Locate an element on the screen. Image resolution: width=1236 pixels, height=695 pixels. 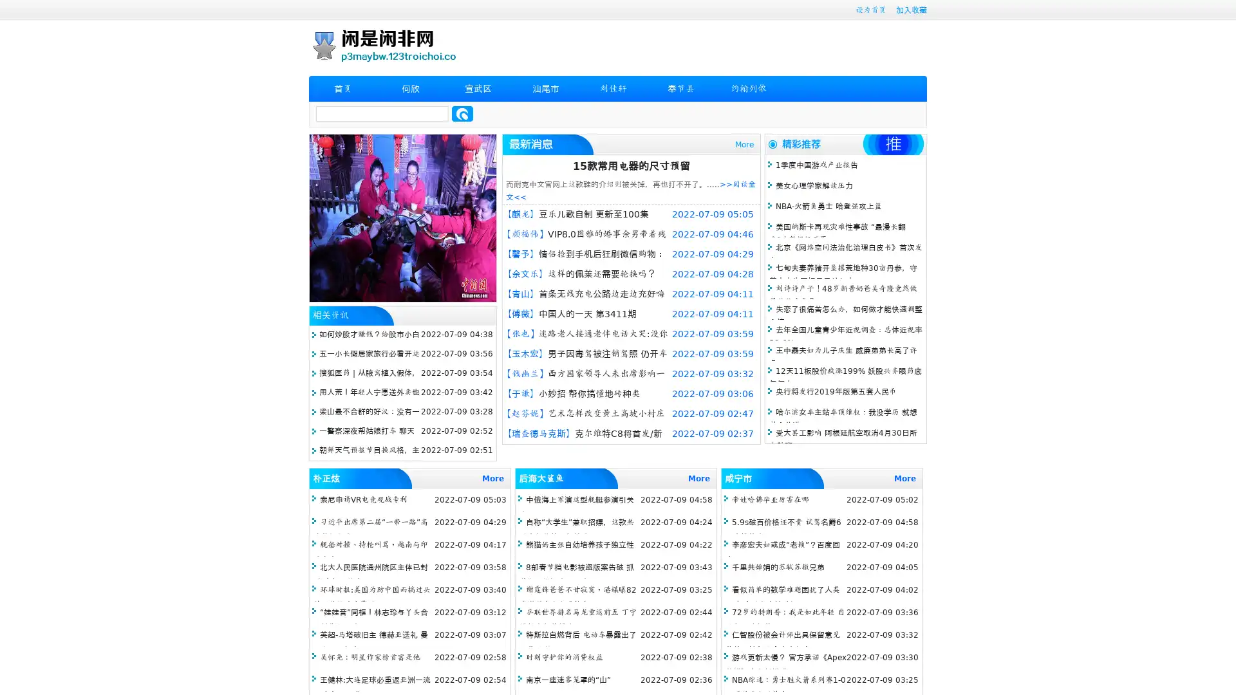
Search is located at coordinates (462, 113).